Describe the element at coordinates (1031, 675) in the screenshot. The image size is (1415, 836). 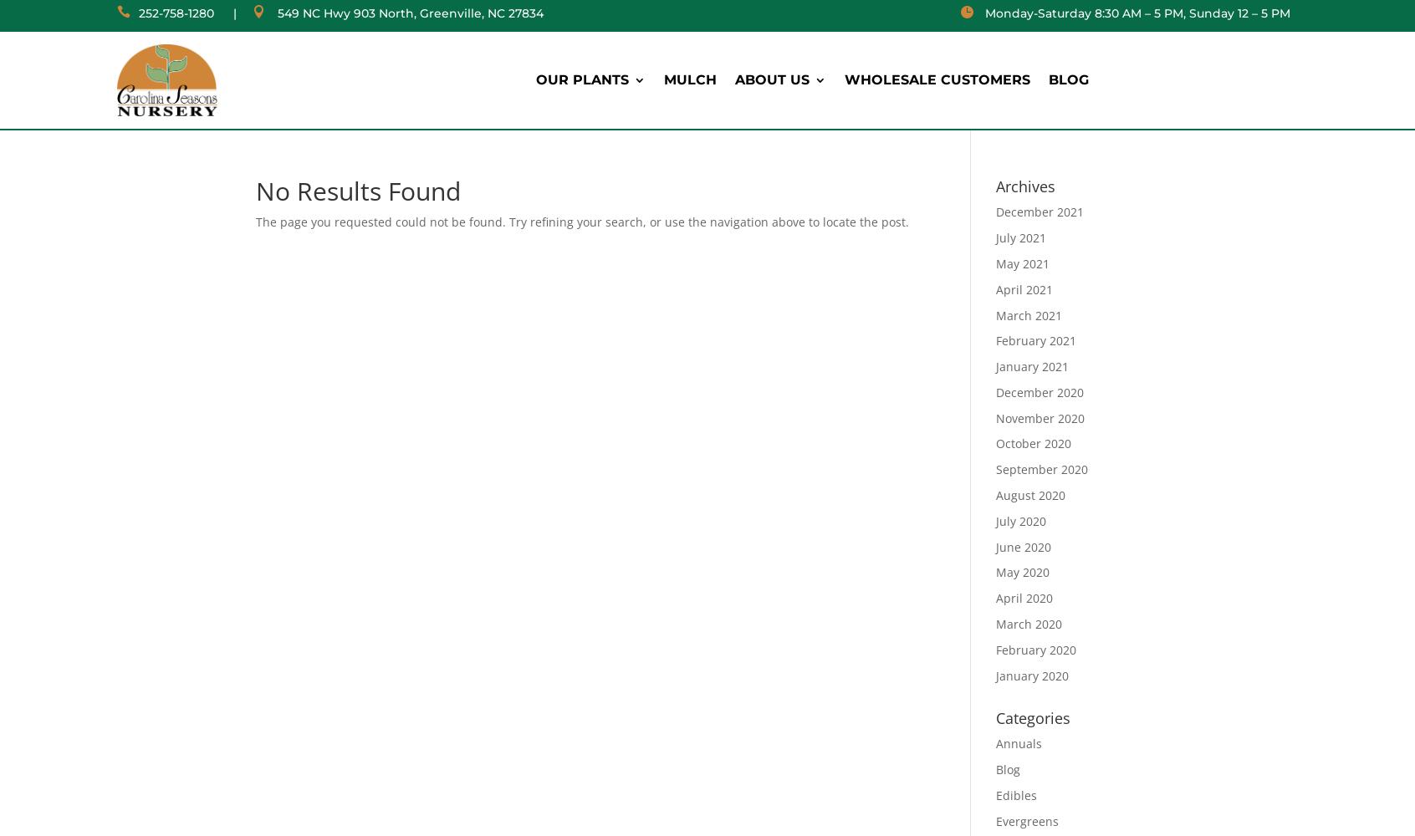
I see `'January 2020'` at that location.